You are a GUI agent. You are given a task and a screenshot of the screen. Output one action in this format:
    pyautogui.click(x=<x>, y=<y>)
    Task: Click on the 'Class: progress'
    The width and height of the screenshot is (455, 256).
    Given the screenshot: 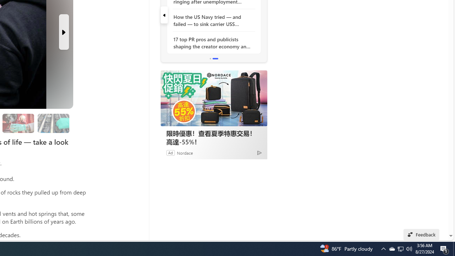 What is the action you would take?
    pyautogui.click(x=53, y=122)
    